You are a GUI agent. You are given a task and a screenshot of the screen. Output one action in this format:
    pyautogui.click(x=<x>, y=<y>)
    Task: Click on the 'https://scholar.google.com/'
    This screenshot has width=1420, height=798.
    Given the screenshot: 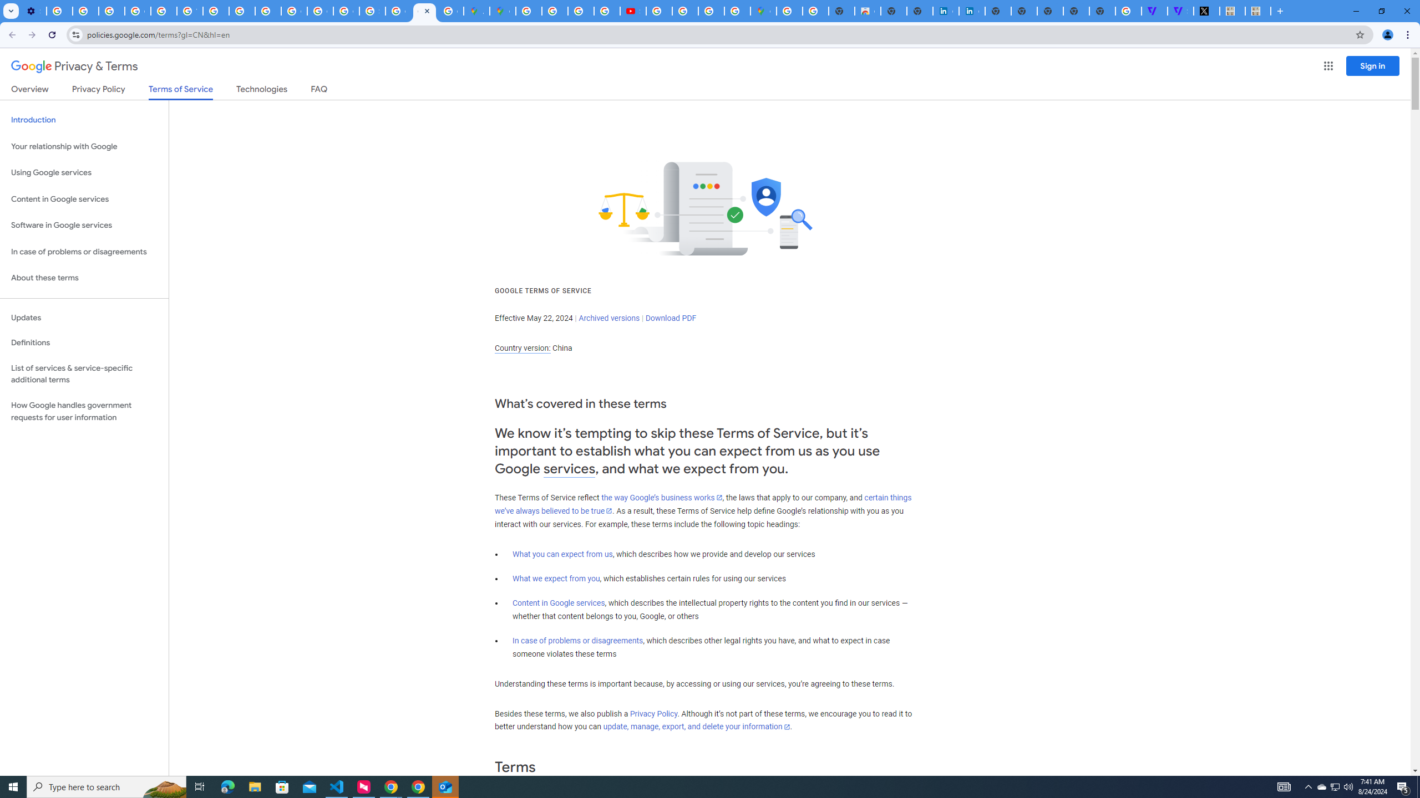 What is the action you would take?
    pyautogui.click(x=215, y=11)
    